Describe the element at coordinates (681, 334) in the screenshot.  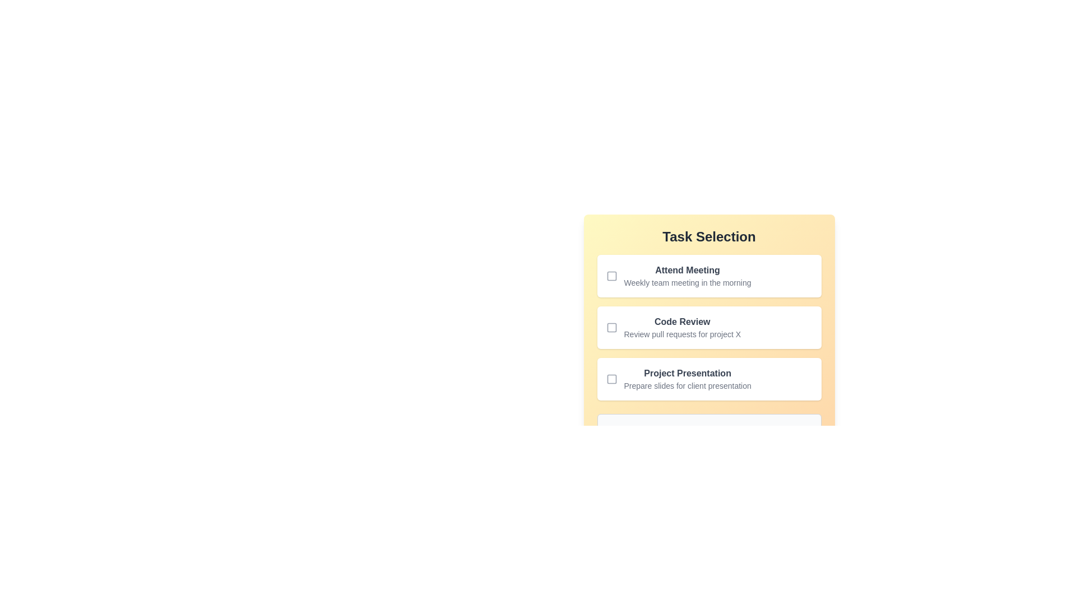
I see `the descriptive text element that reads 'Review pull requests for project X', which is located beneath the bold title 'Code Review'` at that location.